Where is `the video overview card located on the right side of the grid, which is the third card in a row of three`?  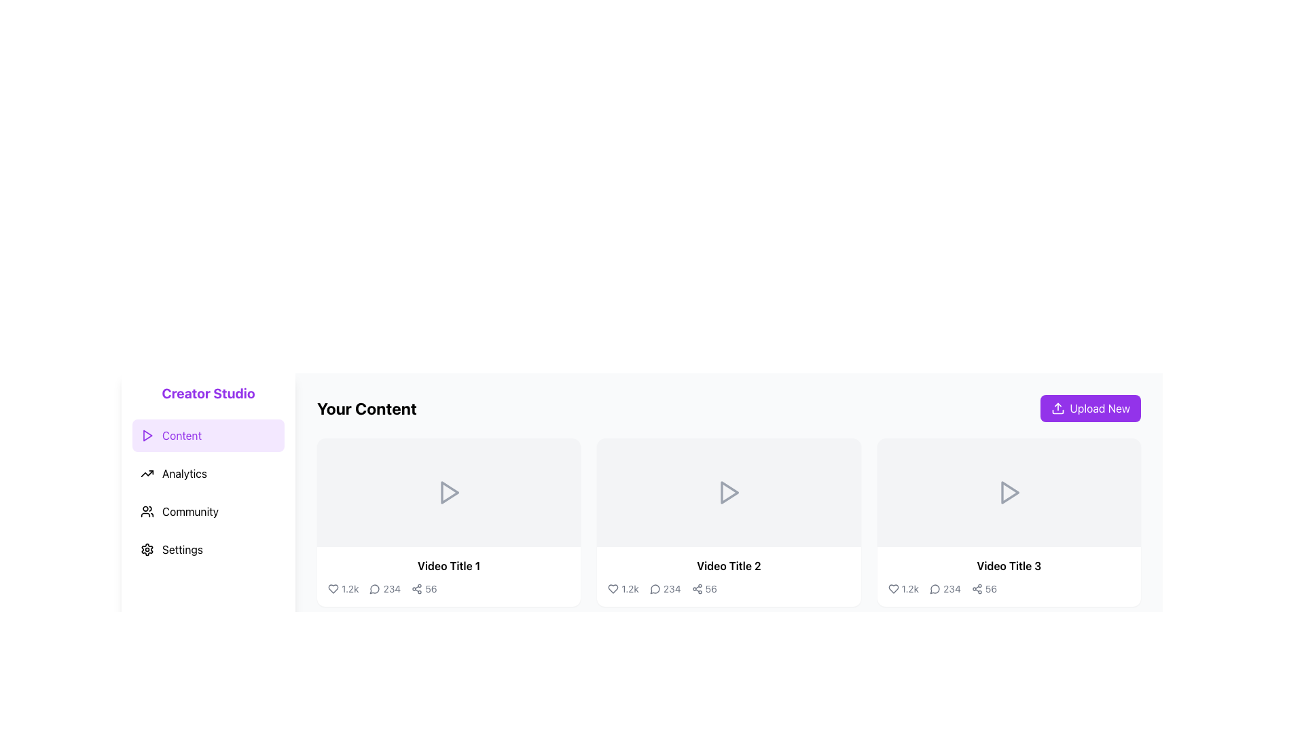 the video overview card located on the right side of the grid, which is the third card in a row of three is located at coordinates (1009, 522).